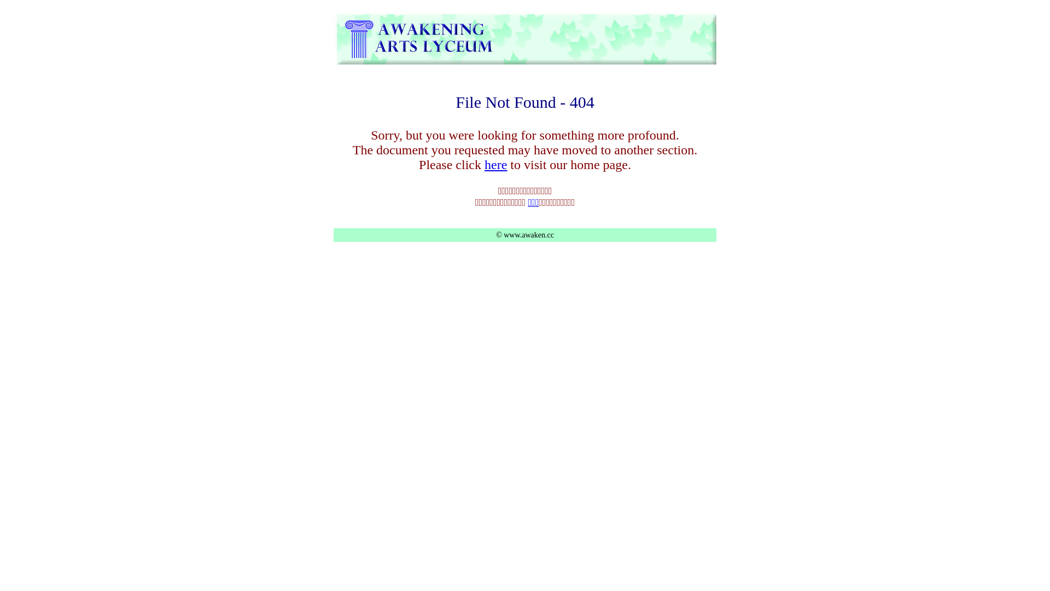  What do you see at coordinates (495, 164) in the screenshot?
I see `'here'` at bounding box center [495, 164].